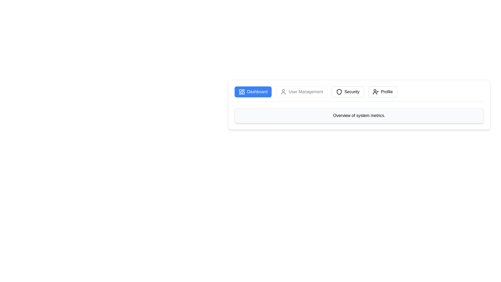 This screenshot has height=282, width=501. I want to click on the user icon, which is the leftmost icon in the 'User Management' button of the navigation menu, so click(283, 91).